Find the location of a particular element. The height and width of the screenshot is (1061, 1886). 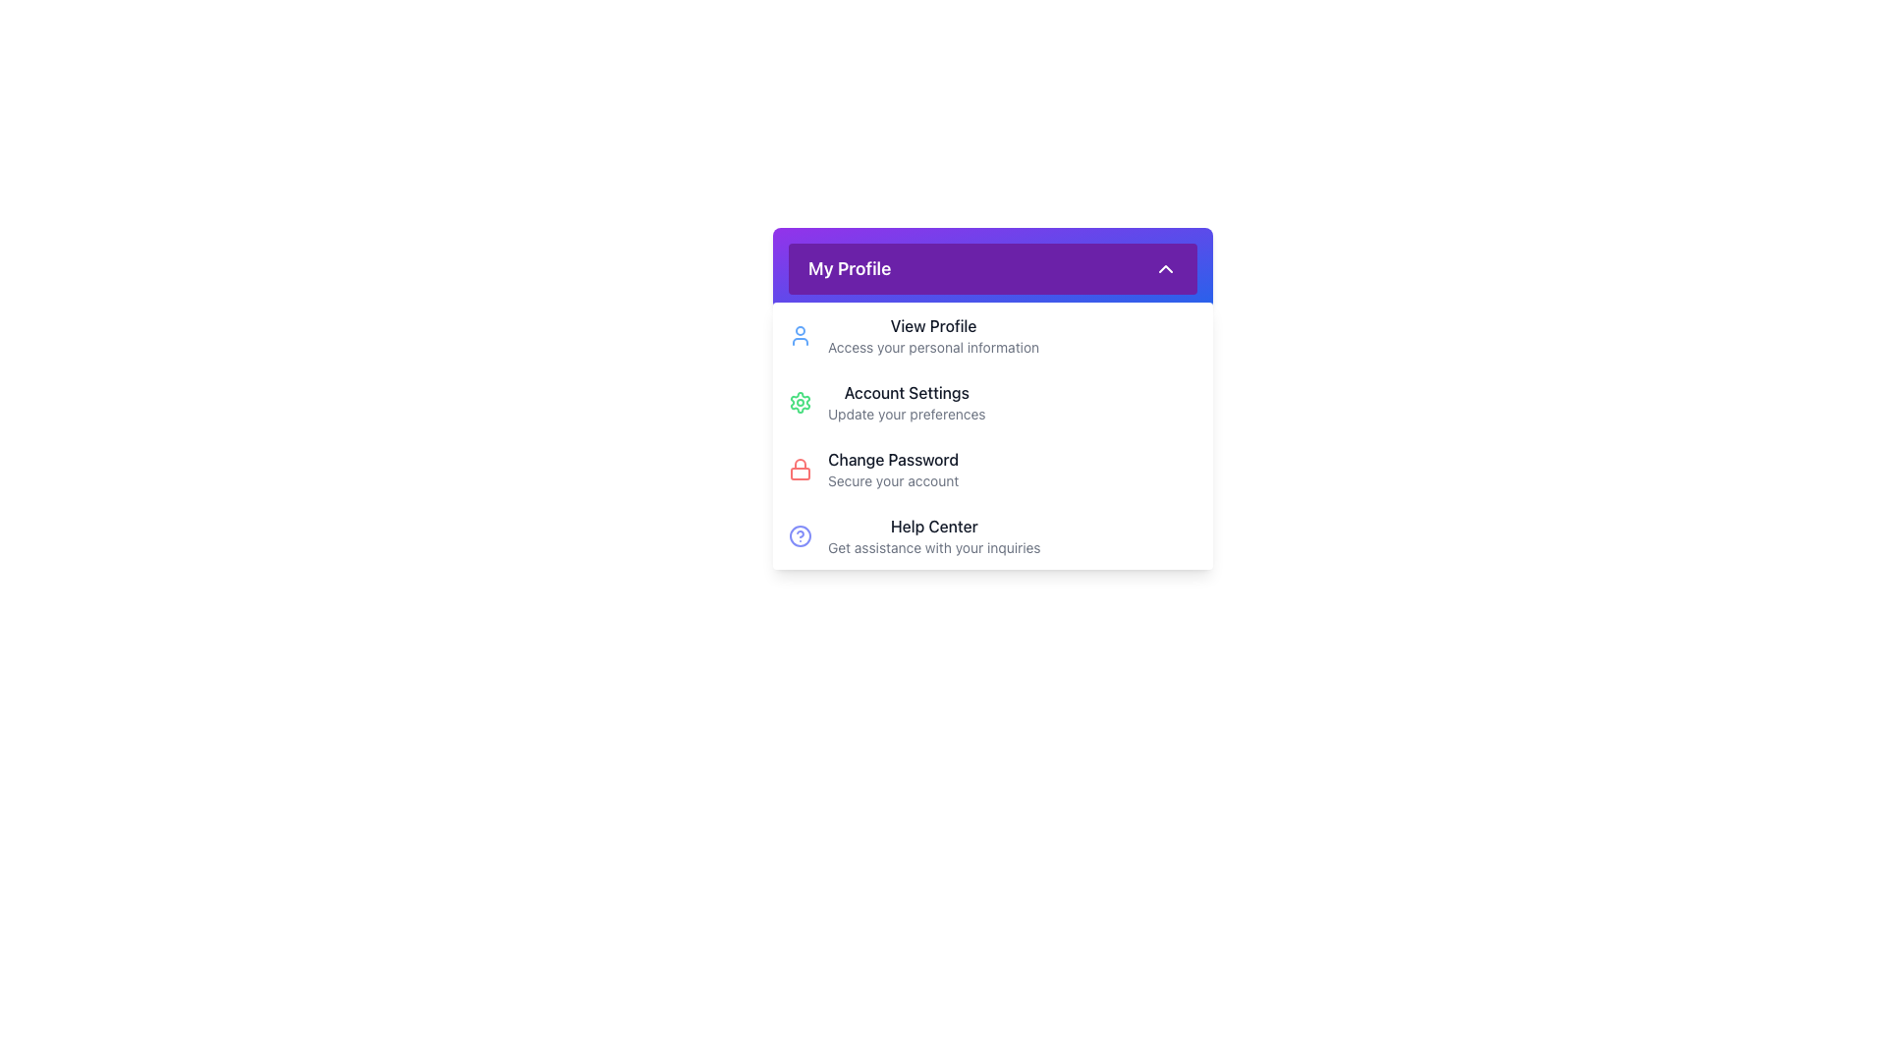

the bottom-most navigation item in the 'My Profile' dropdown menu is located at coordinates (993, 536).